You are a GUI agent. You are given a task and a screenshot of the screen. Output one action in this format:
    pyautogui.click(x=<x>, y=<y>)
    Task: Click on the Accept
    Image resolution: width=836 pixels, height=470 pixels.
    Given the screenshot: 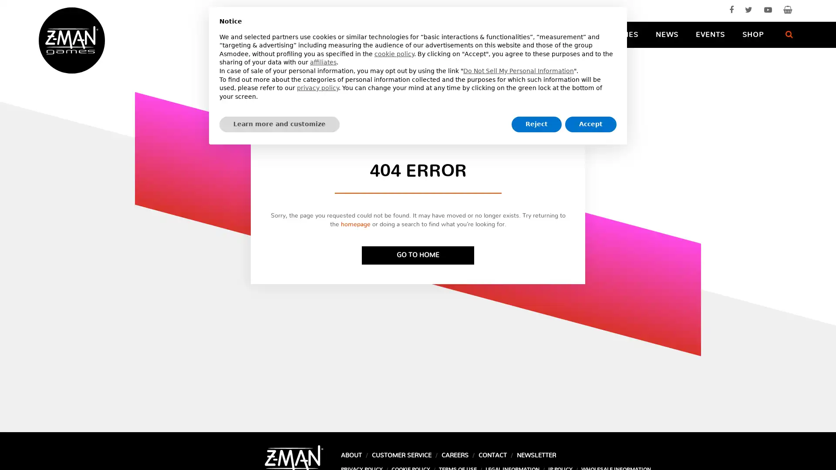 What is the action you would take?
    pyautogui.click(x=591, y=124)
    